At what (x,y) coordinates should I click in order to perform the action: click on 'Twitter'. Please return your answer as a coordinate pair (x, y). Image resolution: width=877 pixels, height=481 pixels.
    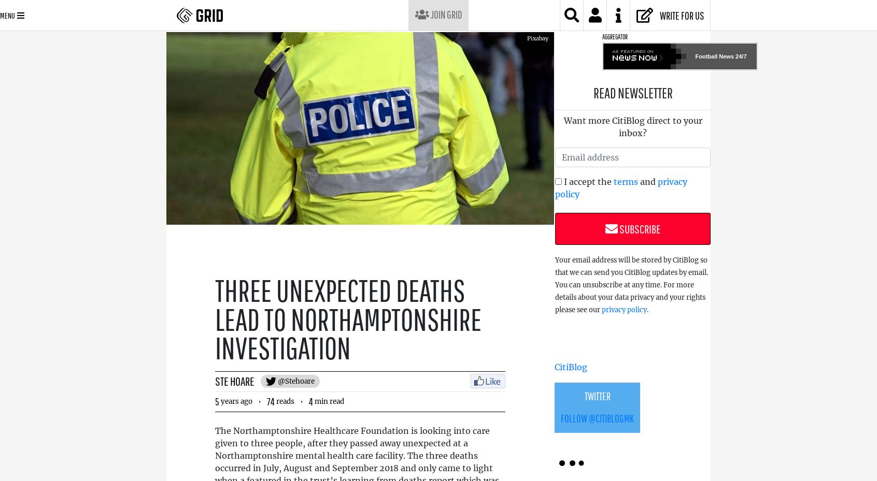
    Looking at the image, I should click on (584, 396).